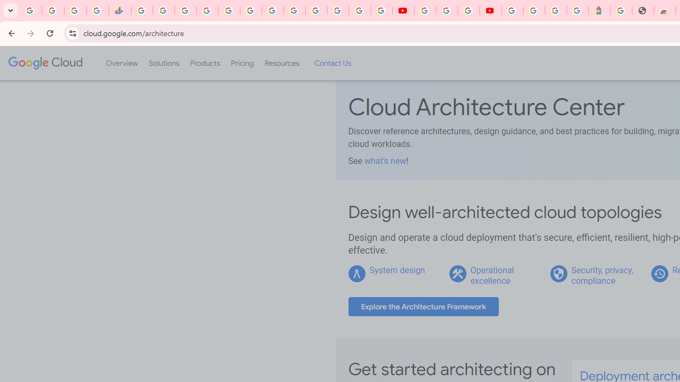 The width and height of the screenshot is (680, 382). What do you see at coordinates (396, 270) in the screenshot?
I see `'System design'` at bounding box center [396, 270].